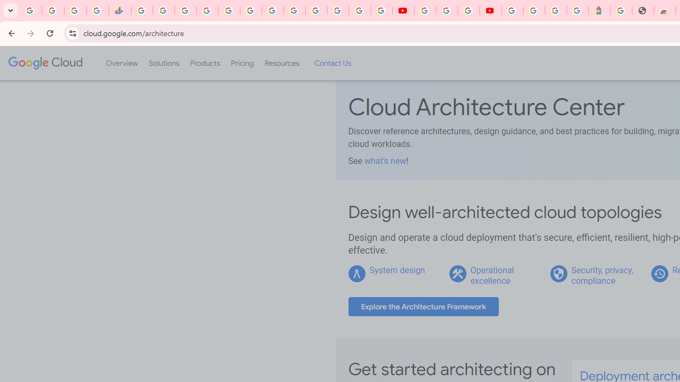 The width and height of the screenshot is (680, 382). What do you see at coordinates (396, 270) in the screenshot?
I see `'System design'` at bounding box center [396, 270].